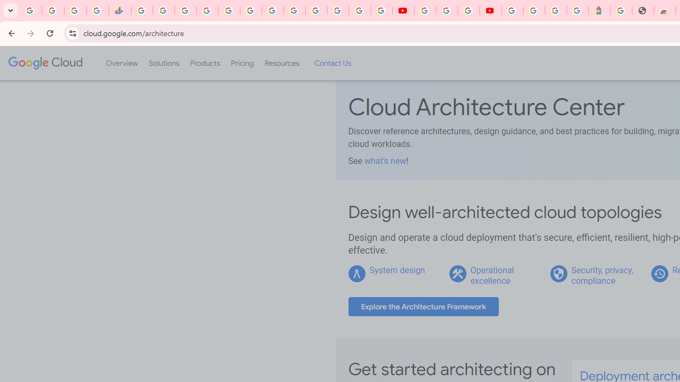 The width and height of the screenshot is (680, 382). What do you see at coordinates (396, 270) in the screenshot?
I see `'System design'` at bounding box center [396, 270].